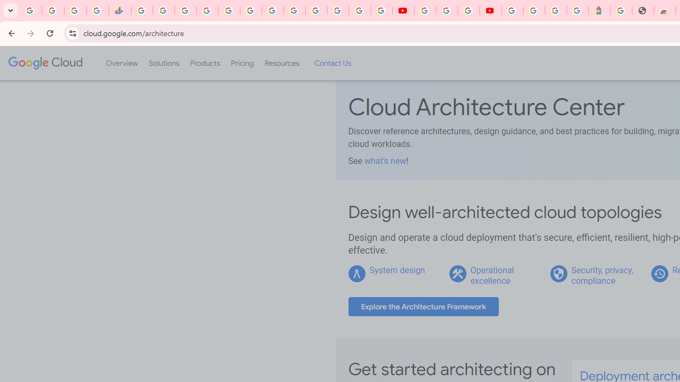 The width and height of the screenshot is (680, 382). What do you see at coordinates (396, 270) in the screenshot?
I see `'System design'` at bounding box center [396, 270].